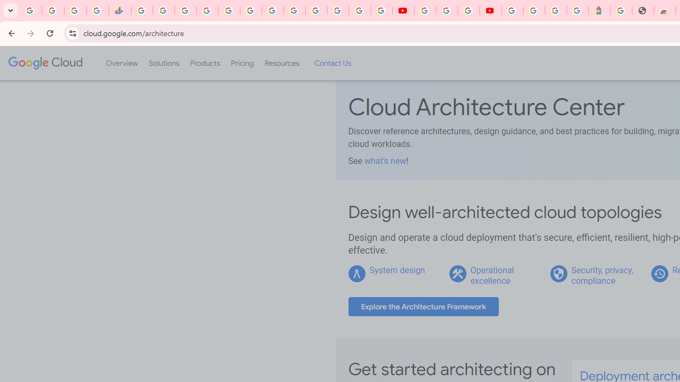 The width and height of the screenshot is (680, 382). What do you see at coordinates (396, 270) in the screenshot?
I see `'System design'` at bounding box center [396, 270].